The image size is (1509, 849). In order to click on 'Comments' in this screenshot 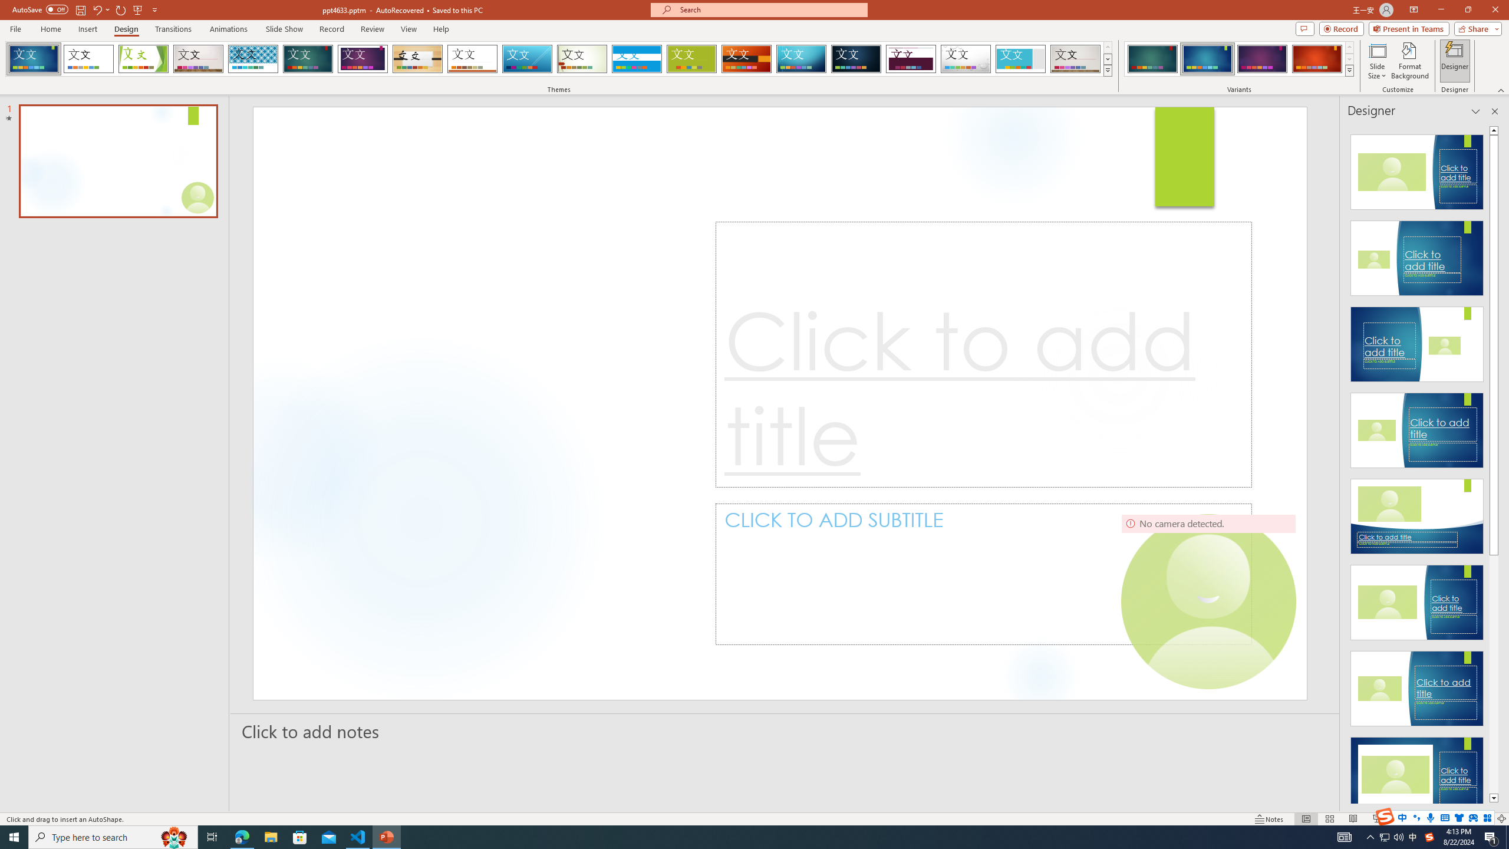, I will do `click(1304, 28)`.